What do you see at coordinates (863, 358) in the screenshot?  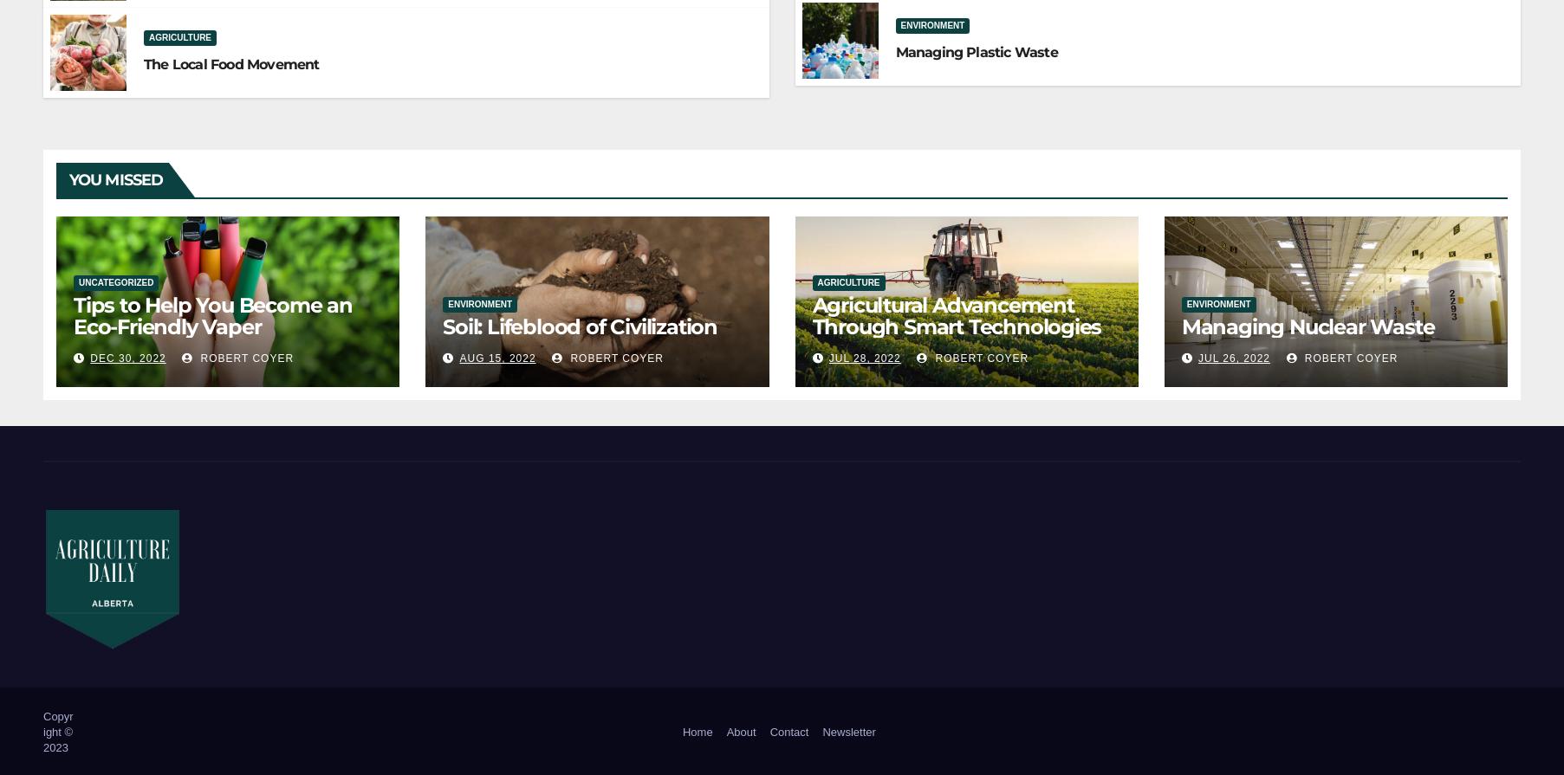 I see `'Jul 28, 2022'` at bounding box center [863, 358].